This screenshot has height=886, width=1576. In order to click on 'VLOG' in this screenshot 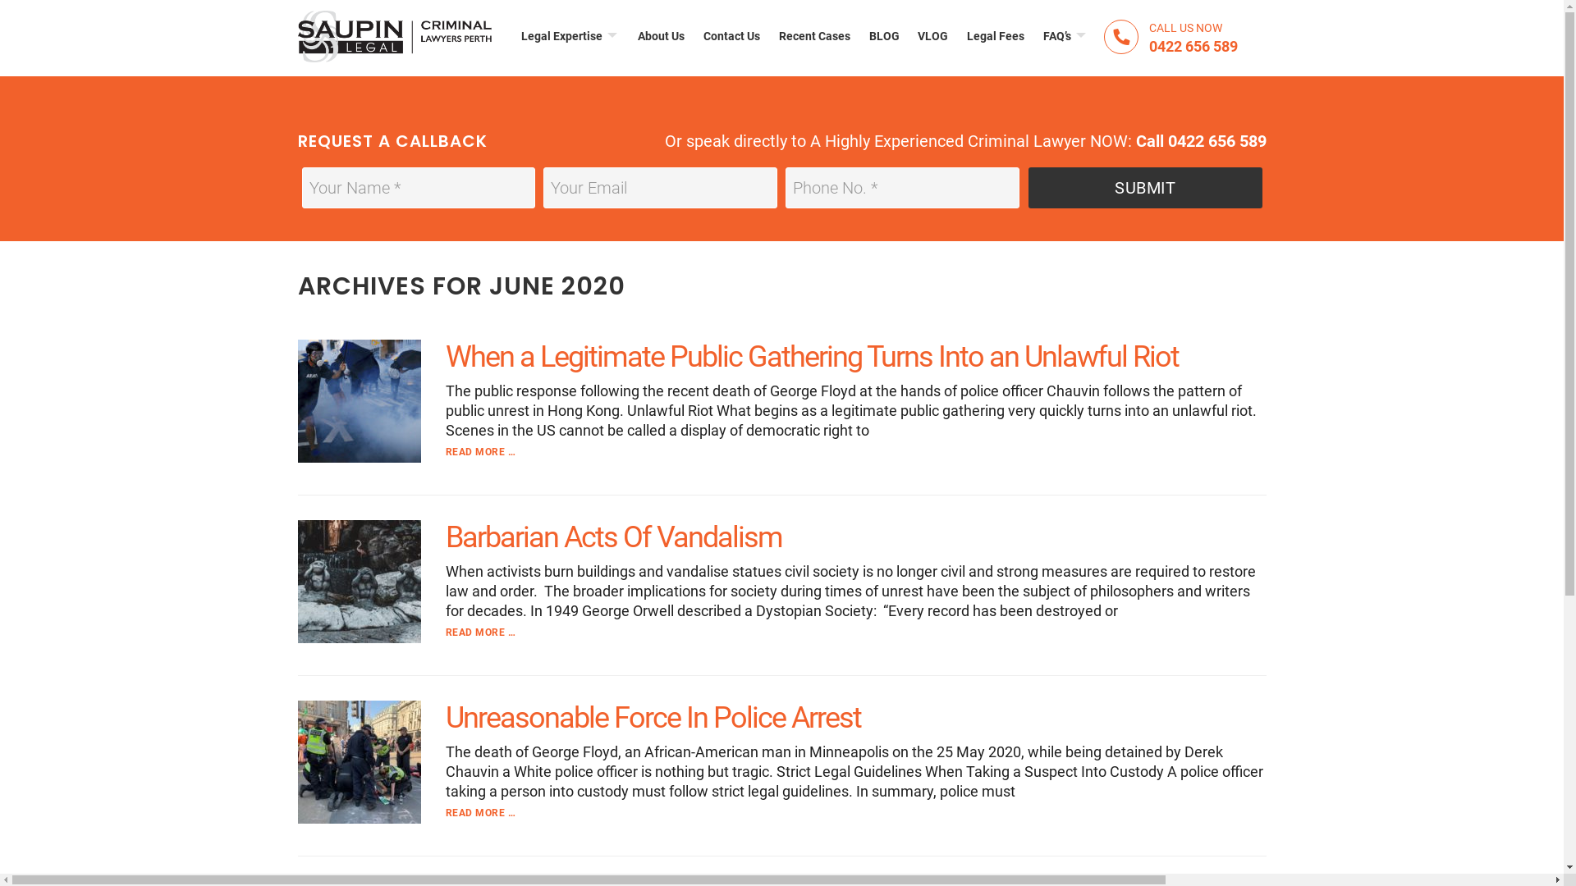, I will do `click(933, 35)`.